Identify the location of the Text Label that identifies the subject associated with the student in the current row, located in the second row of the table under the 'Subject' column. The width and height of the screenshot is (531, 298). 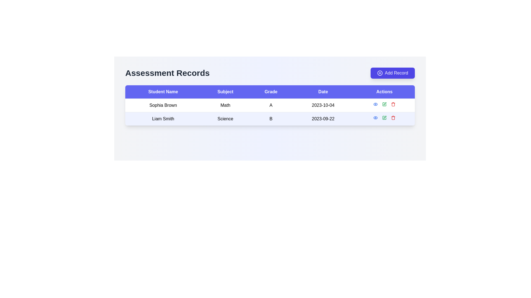
(225, 118).